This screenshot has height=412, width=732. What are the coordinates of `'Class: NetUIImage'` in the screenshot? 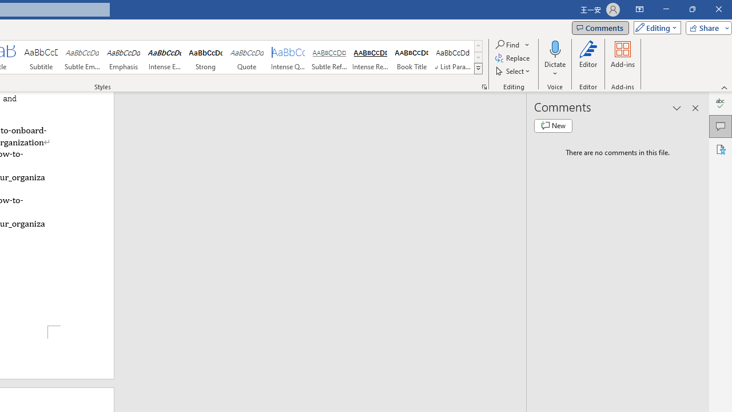 It's located at (479, 68).